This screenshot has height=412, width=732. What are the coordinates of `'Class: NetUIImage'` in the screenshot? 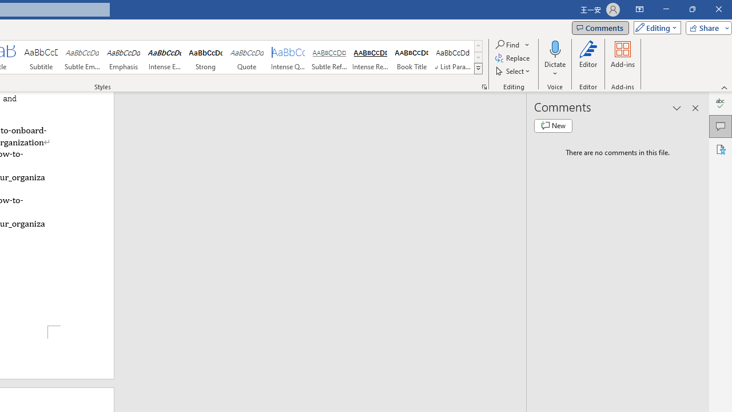 It's located at (479, 68).